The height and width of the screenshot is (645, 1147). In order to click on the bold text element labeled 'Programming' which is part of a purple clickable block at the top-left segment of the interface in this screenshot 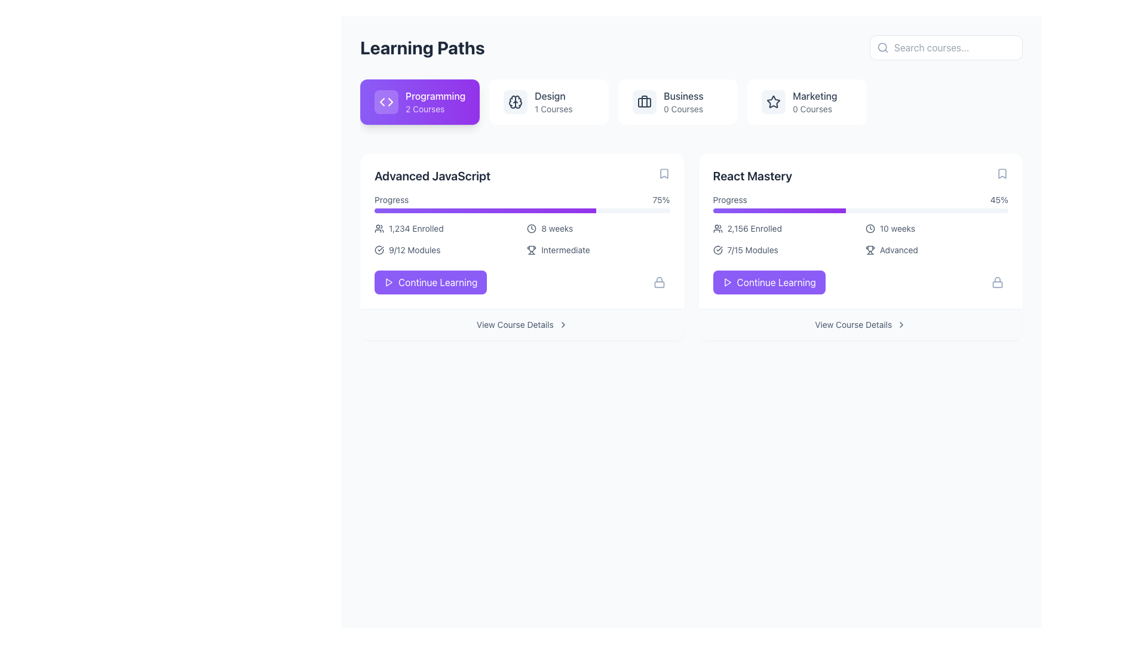, I will do `click(435, 96)`.